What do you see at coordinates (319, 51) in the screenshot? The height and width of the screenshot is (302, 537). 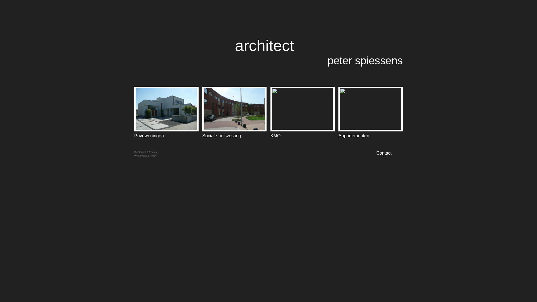 I see `'architect` at bounding box center [319, 51].